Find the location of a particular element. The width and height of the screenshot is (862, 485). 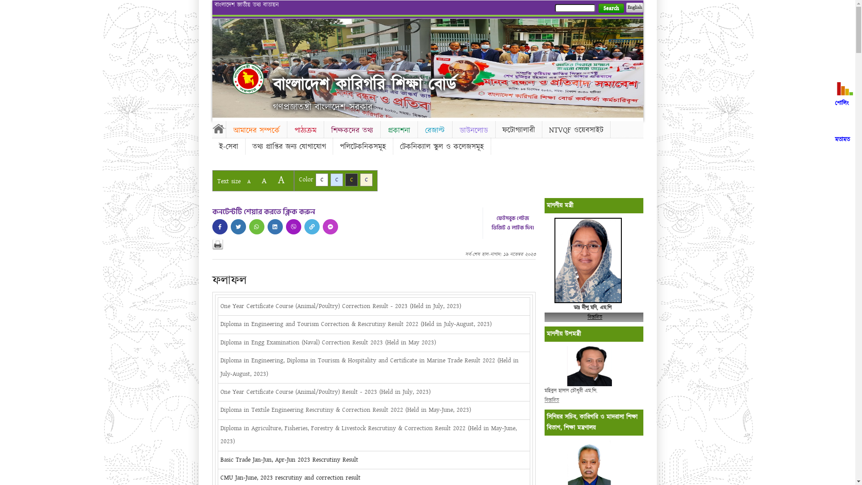

'C' is located at coordinates (366, 180).